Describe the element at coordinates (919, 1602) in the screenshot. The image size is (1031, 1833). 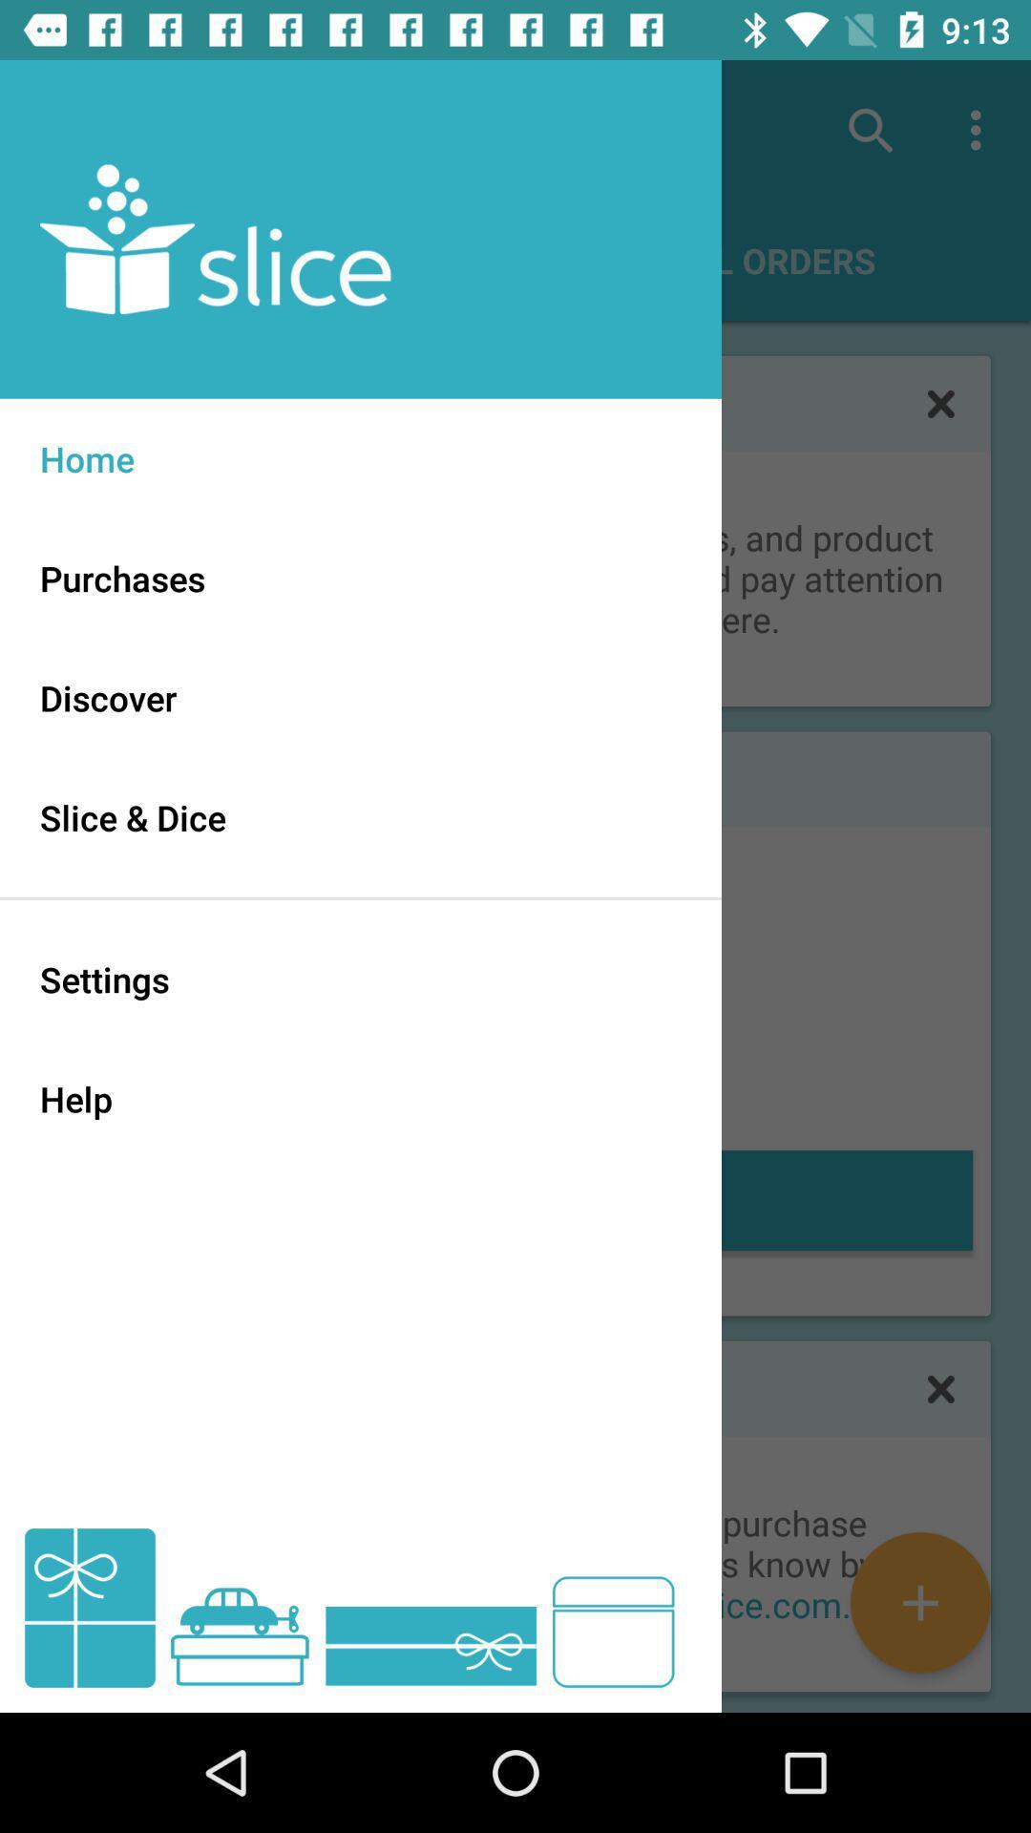
I see `the add icon` at that location.